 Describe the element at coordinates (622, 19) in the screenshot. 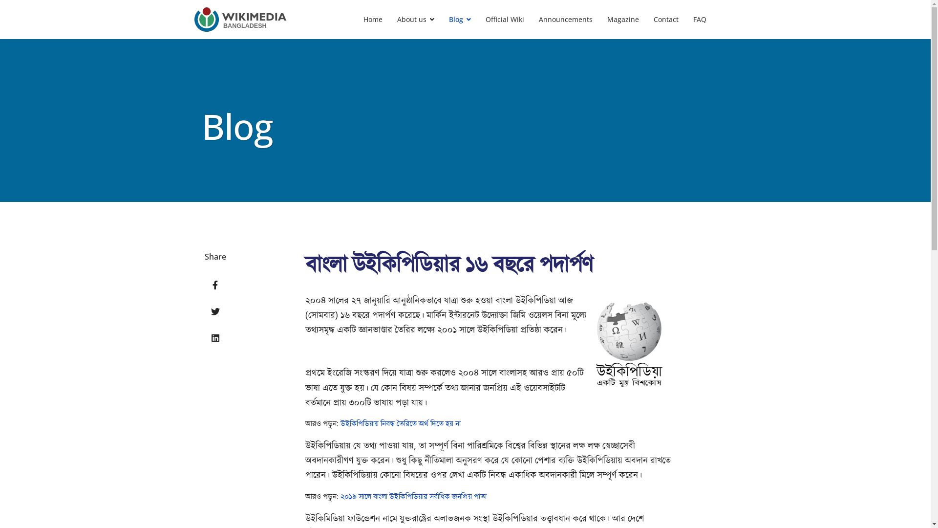

I see `'Magazine'` at that location.